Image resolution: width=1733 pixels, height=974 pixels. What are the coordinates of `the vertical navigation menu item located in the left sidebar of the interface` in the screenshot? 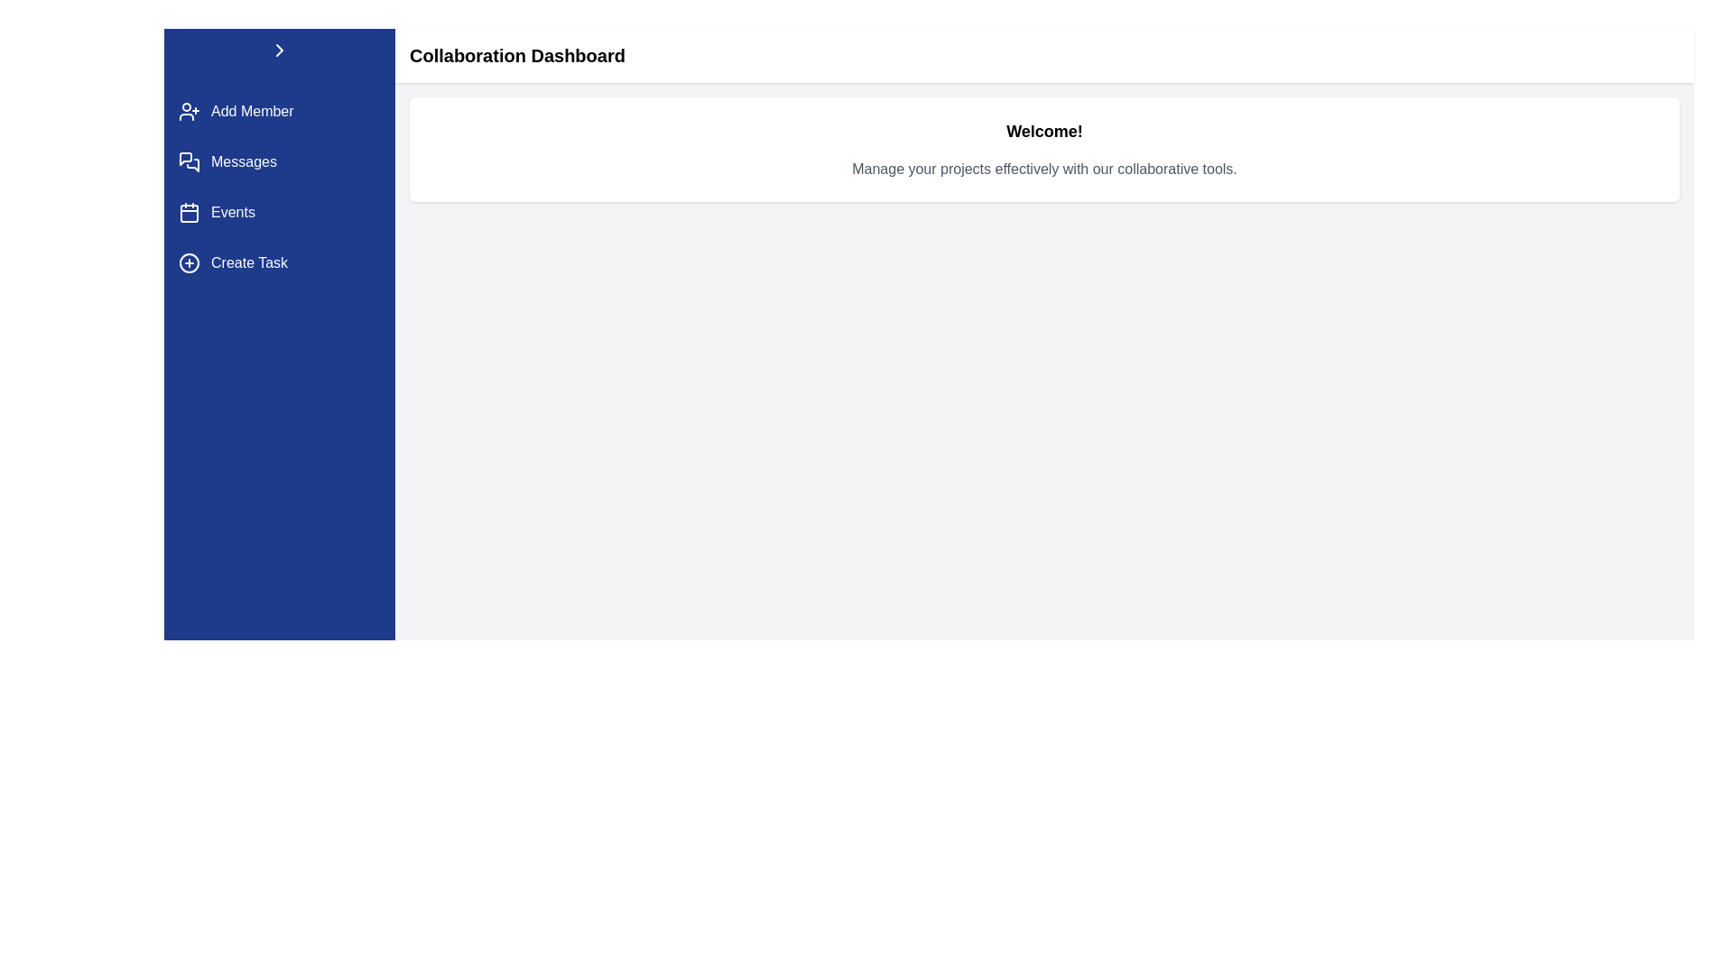 It's located at (279, 188).